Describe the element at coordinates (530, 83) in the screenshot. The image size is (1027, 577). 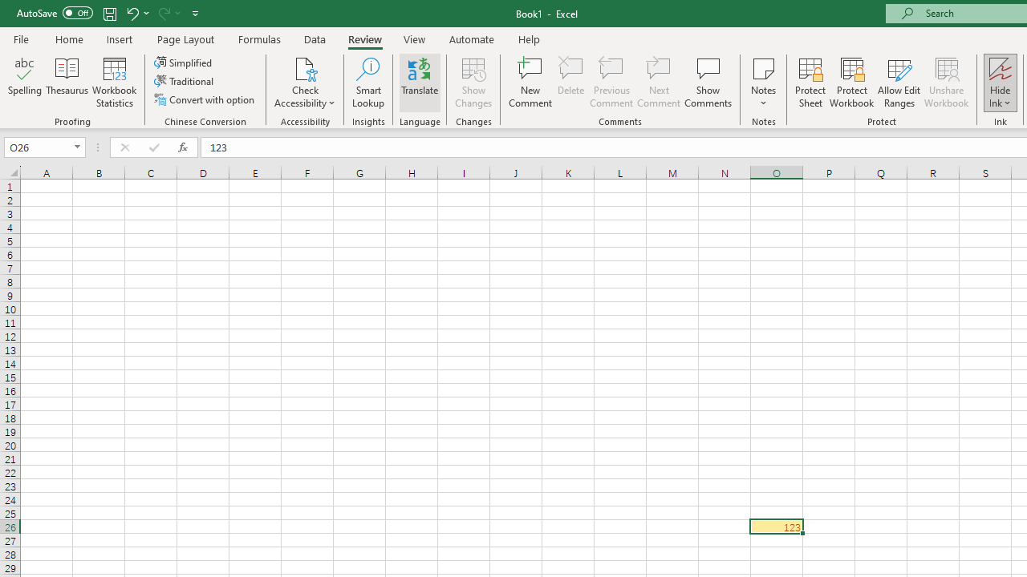
I see `'New Comment'` at that location.